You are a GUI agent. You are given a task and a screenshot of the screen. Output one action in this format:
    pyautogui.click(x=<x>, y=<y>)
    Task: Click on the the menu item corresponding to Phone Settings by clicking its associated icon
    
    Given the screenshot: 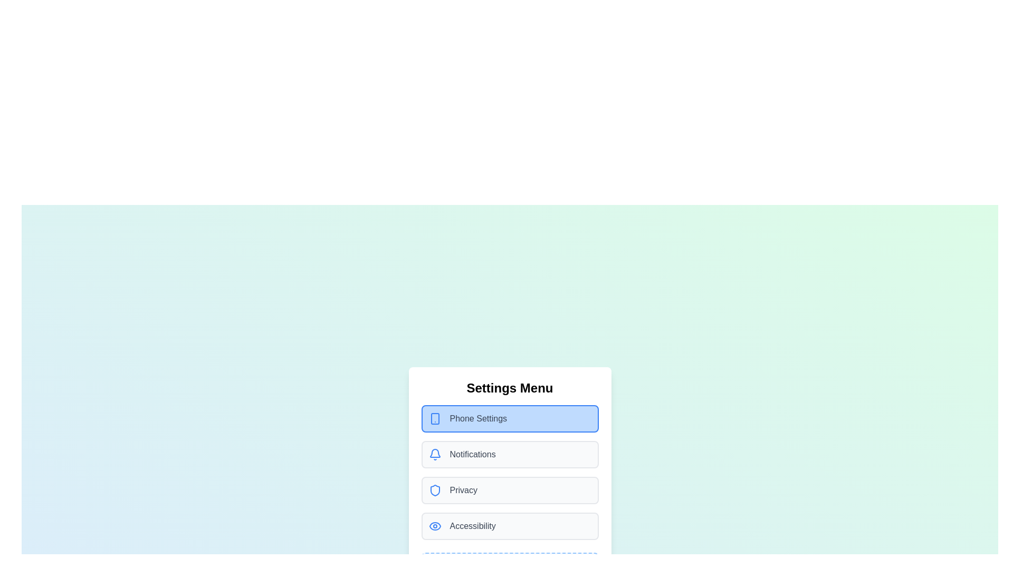 What is the action you would take?
    pyautogui.click(x=435, y=418)
    